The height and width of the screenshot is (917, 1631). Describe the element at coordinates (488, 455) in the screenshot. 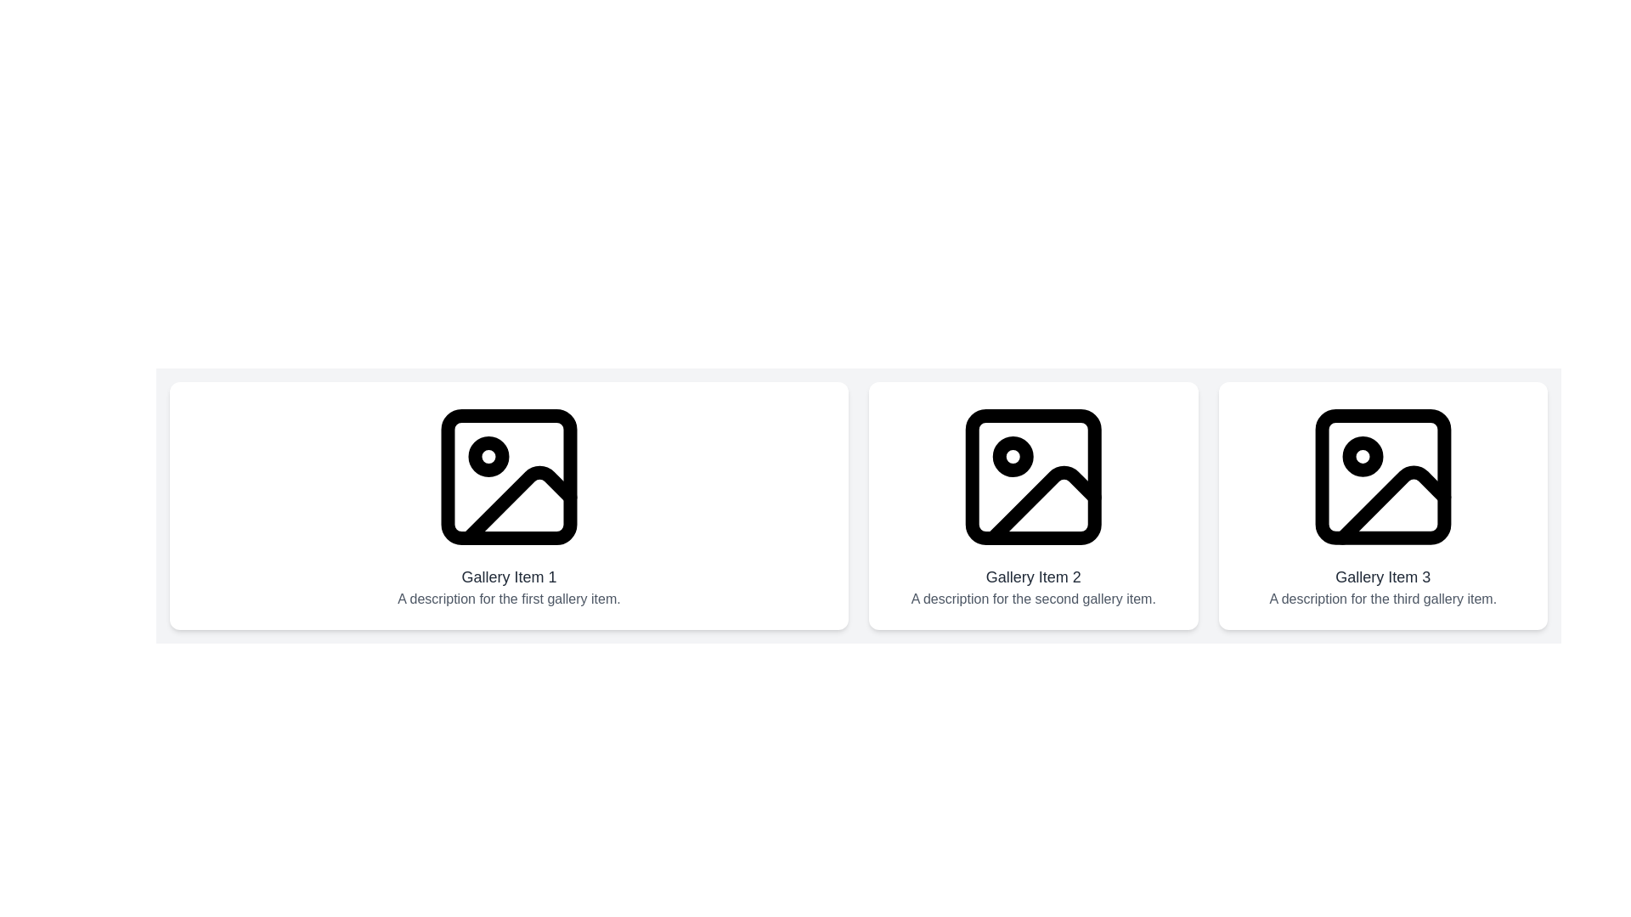

I see `the Circle element within the SVG graphic, which represents a symbolic feature and is located at the leftmost gallery item above the mountain illustration` at that location.